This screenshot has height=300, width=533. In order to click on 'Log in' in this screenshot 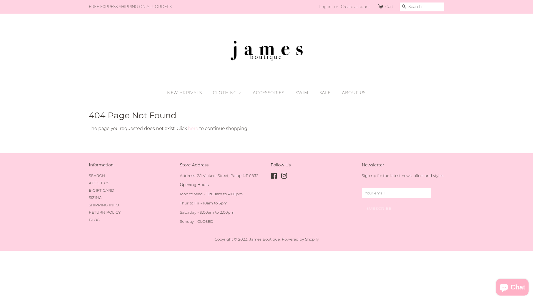, I will do `click(319, 6)`.